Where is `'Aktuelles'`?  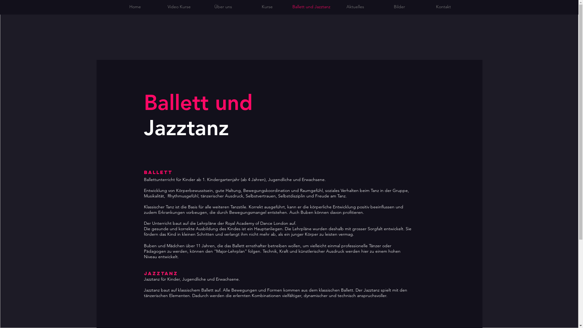 'Aktuelles' is located at coordinates (333, 7).